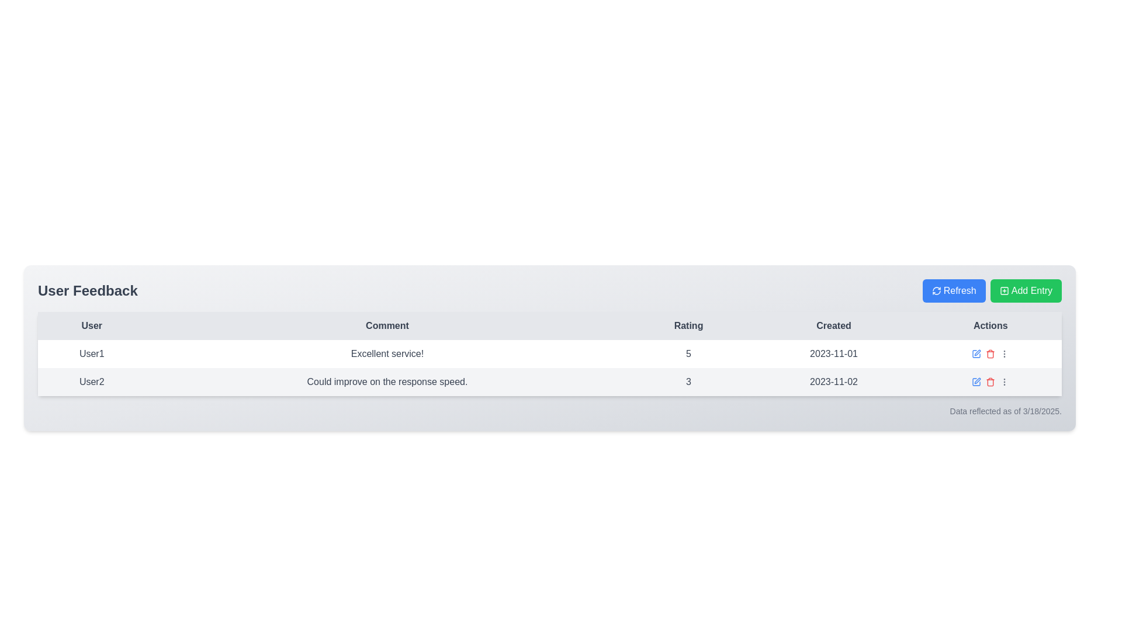  Describe the element at coordinates (833, 353) in the screenshot. I see `the text label displaying the creation date of the feedback entry, located in the second row of the feedback table under the 'Created' column` at that location.